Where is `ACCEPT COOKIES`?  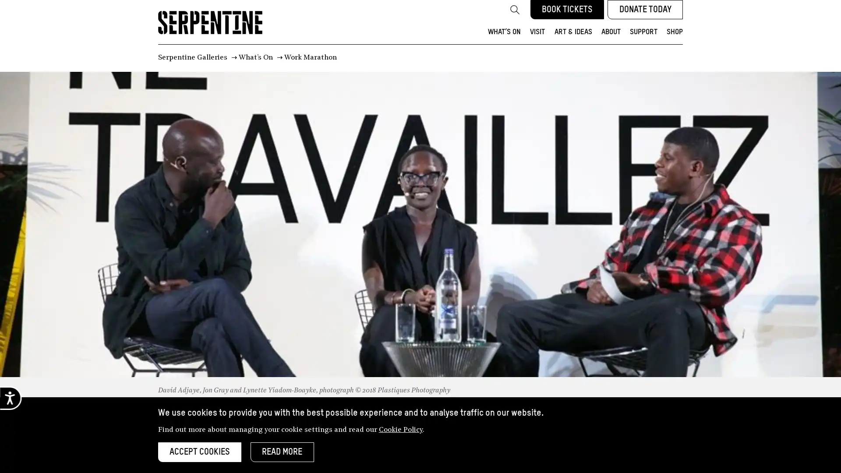 ACCEPT COOKIES is located at coordinates (199, 452).